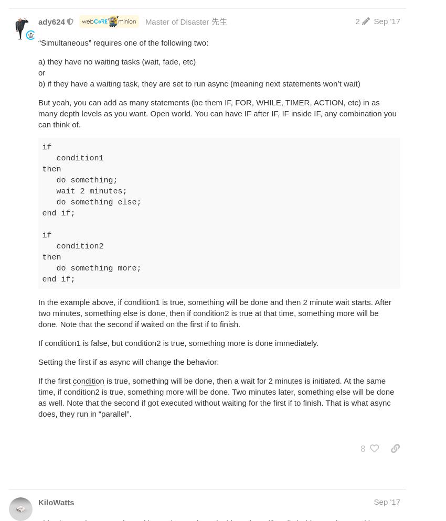 This screenshot has width=446, height=521. I want to click on 'or', so click(41, 72).